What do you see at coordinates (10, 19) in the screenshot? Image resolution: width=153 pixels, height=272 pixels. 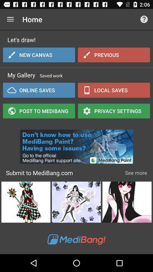 I see `the icon next to the home icon` at bounding box center [10, 19].